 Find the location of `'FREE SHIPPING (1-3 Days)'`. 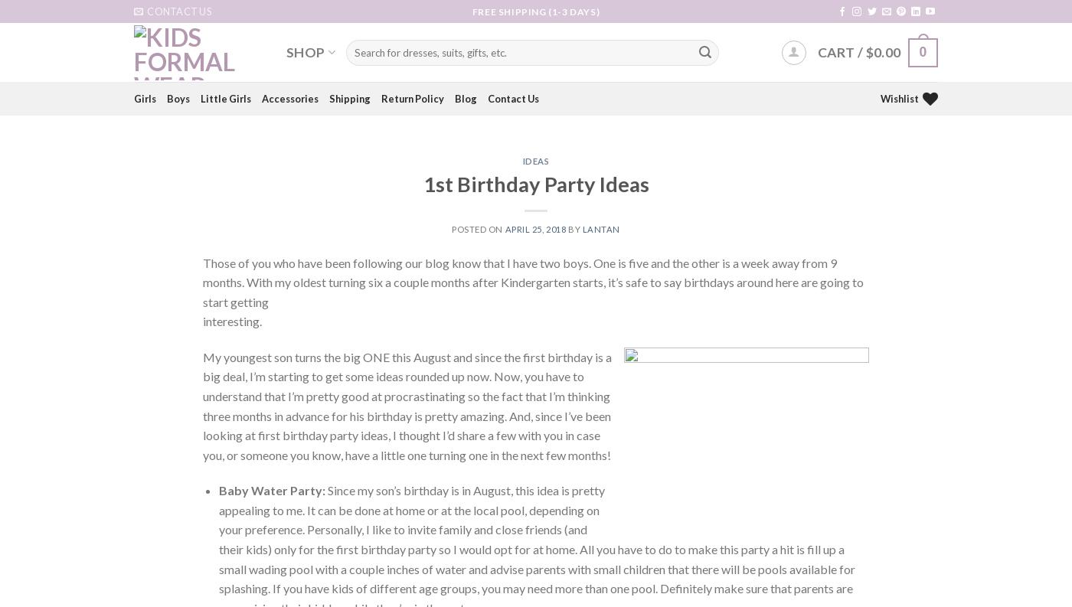

'FREE SHIPPING (1-3 Days)' is located at coordinates (535, 10).